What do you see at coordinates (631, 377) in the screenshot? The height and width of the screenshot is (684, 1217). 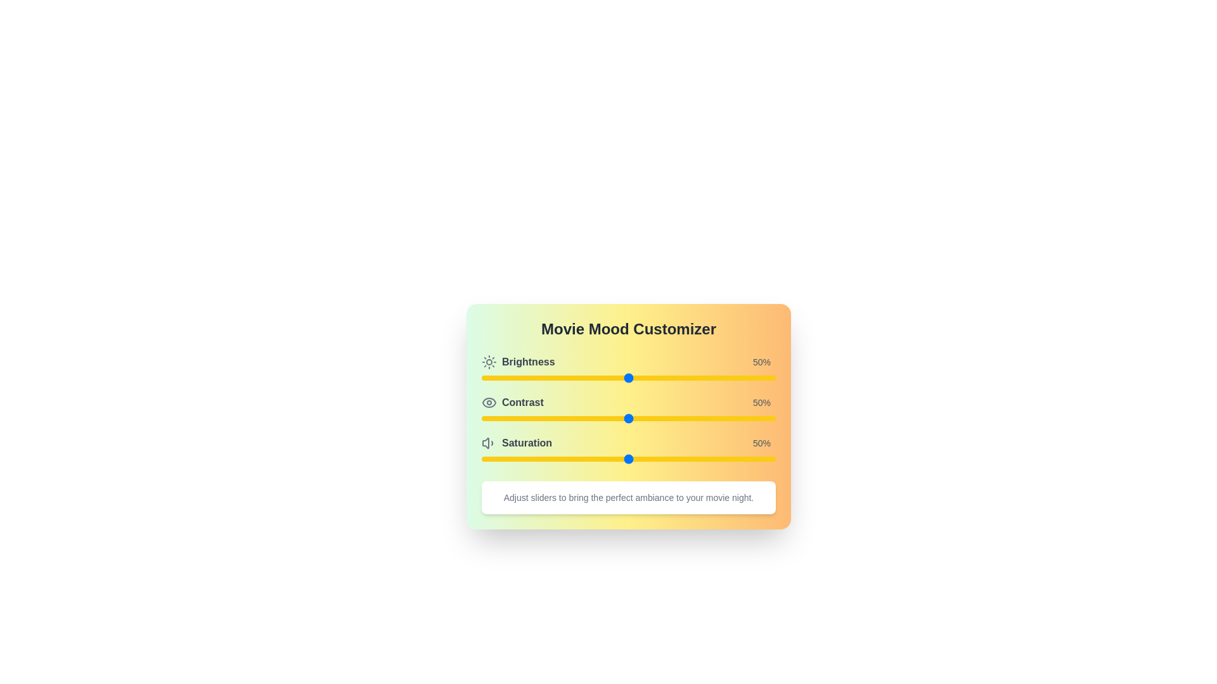 I see `brightness` at bounding box center [631, 377].